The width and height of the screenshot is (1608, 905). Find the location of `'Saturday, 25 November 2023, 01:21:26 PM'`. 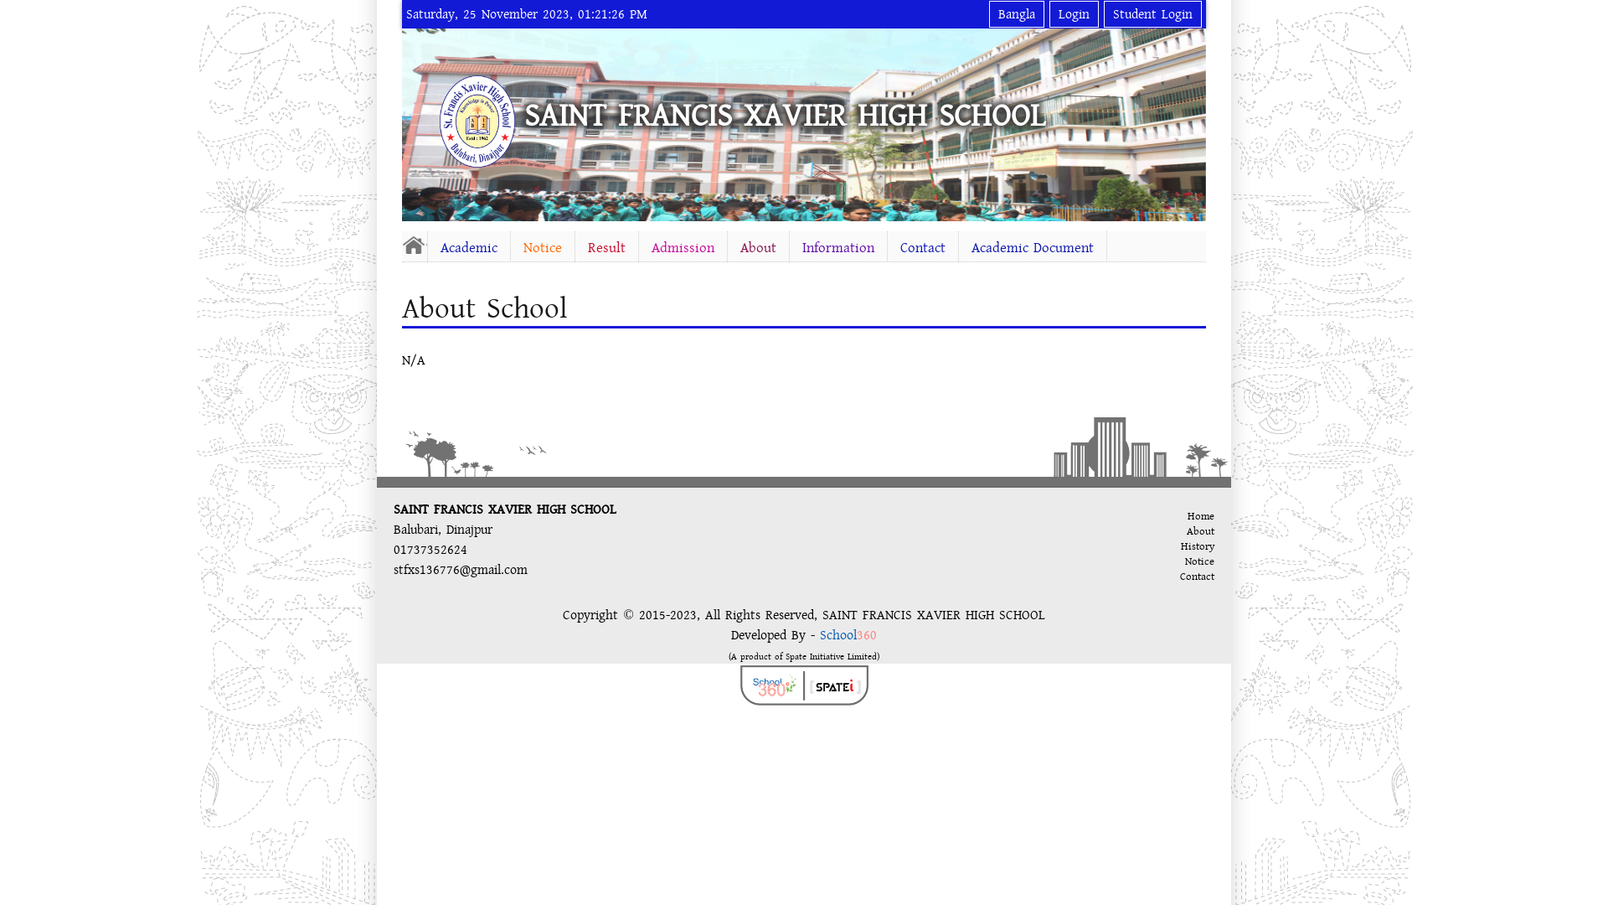

'Saturday, 25 November 2023, 01:21:26 PM' is located at coordinates (525, 13).